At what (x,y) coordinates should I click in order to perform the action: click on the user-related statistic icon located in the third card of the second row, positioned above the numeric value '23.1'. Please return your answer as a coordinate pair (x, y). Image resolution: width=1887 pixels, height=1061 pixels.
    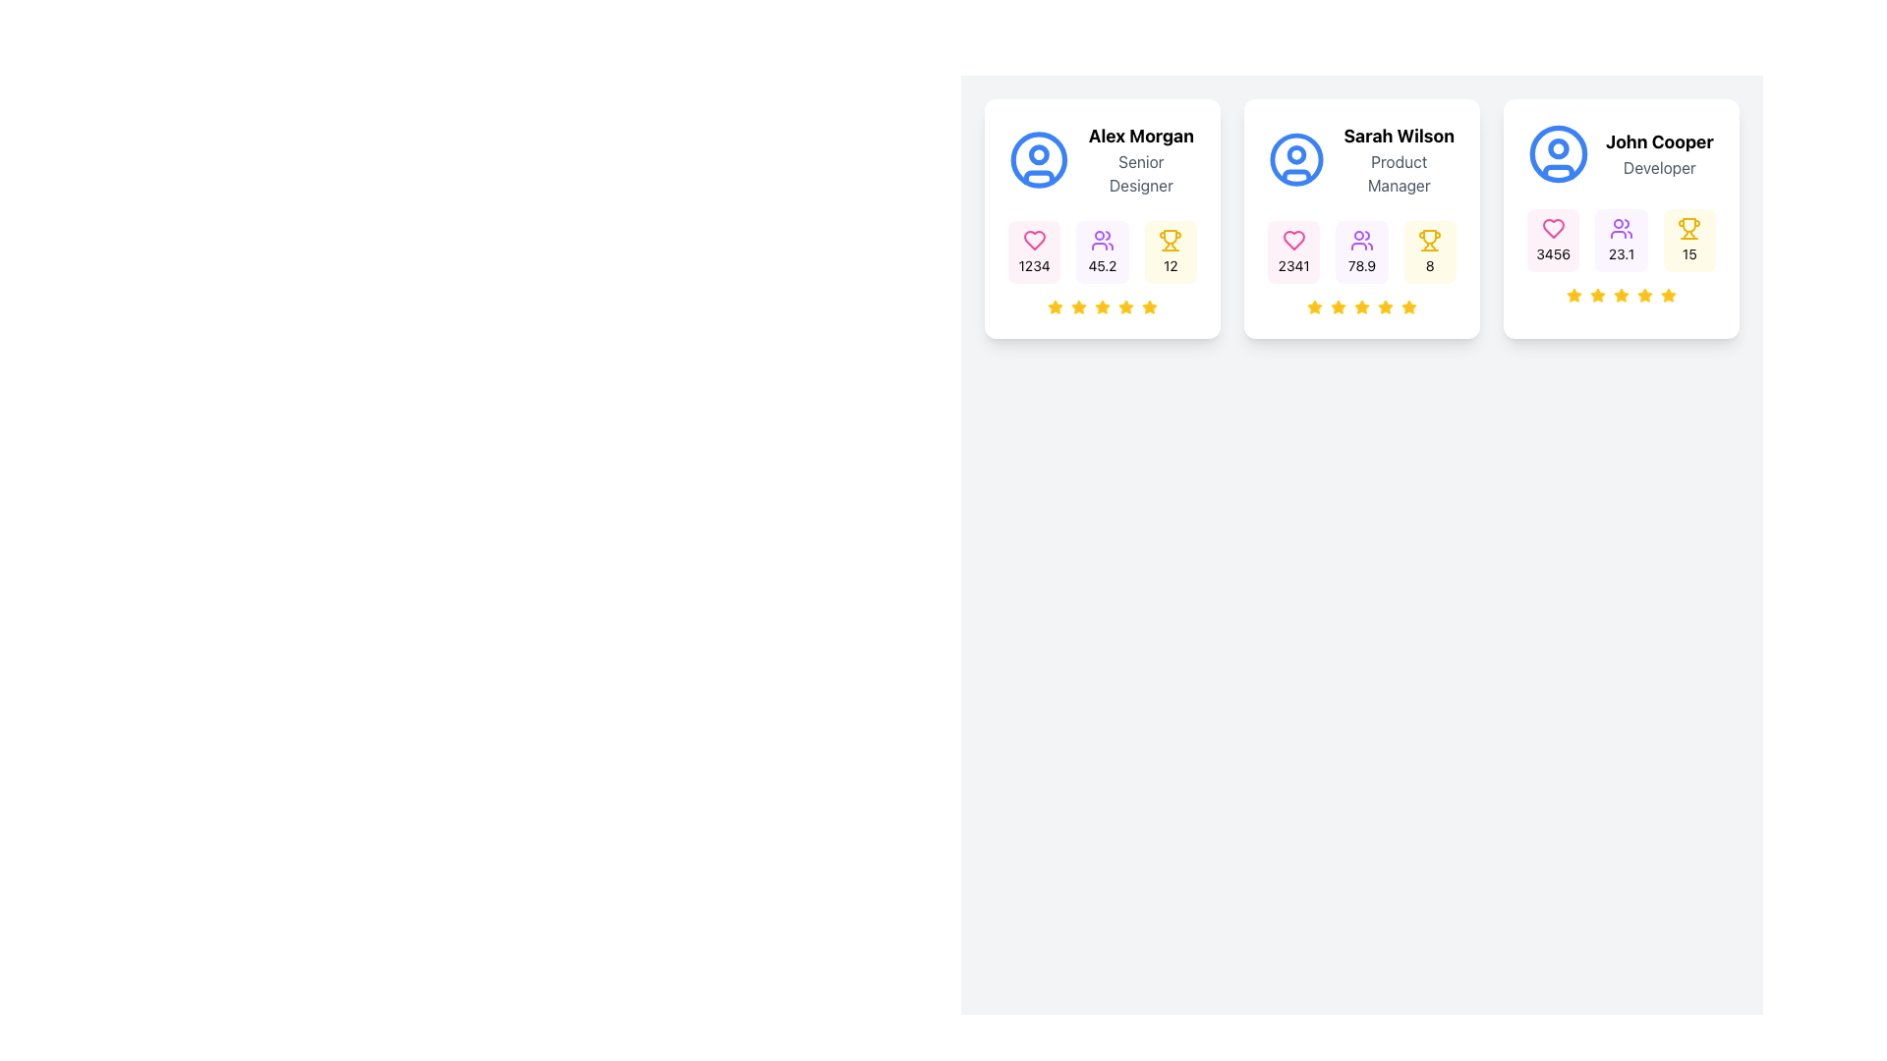
    Looking at the image, I should click on (1622, 227).